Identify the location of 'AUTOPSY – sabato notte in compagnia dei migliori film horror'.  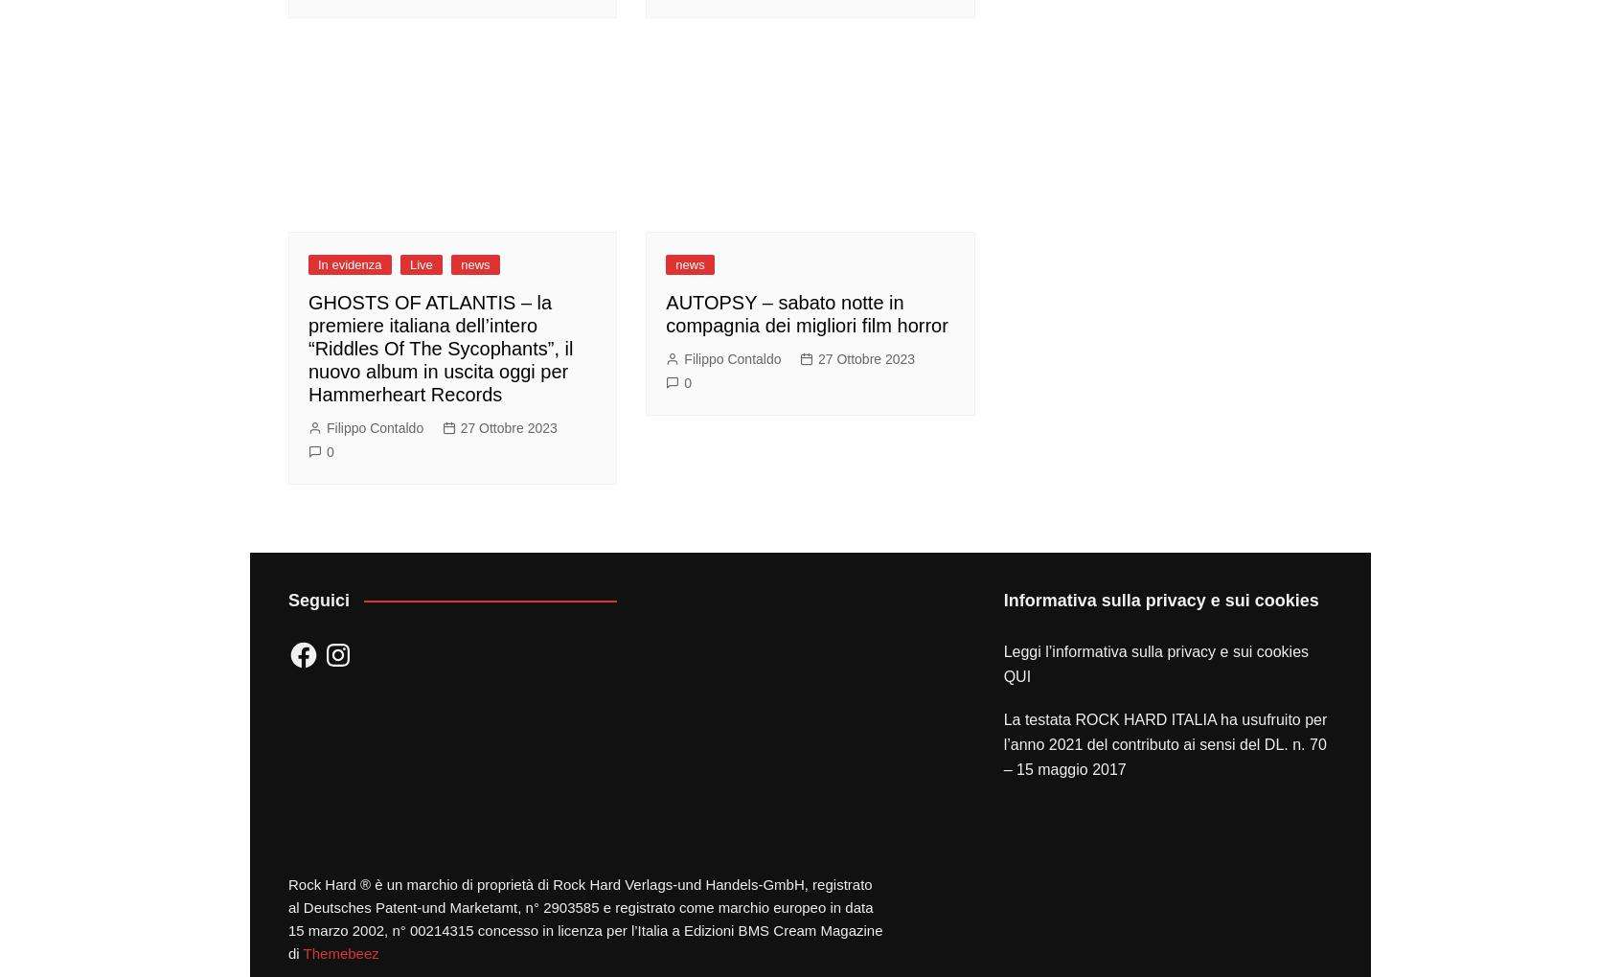
(806, 313).